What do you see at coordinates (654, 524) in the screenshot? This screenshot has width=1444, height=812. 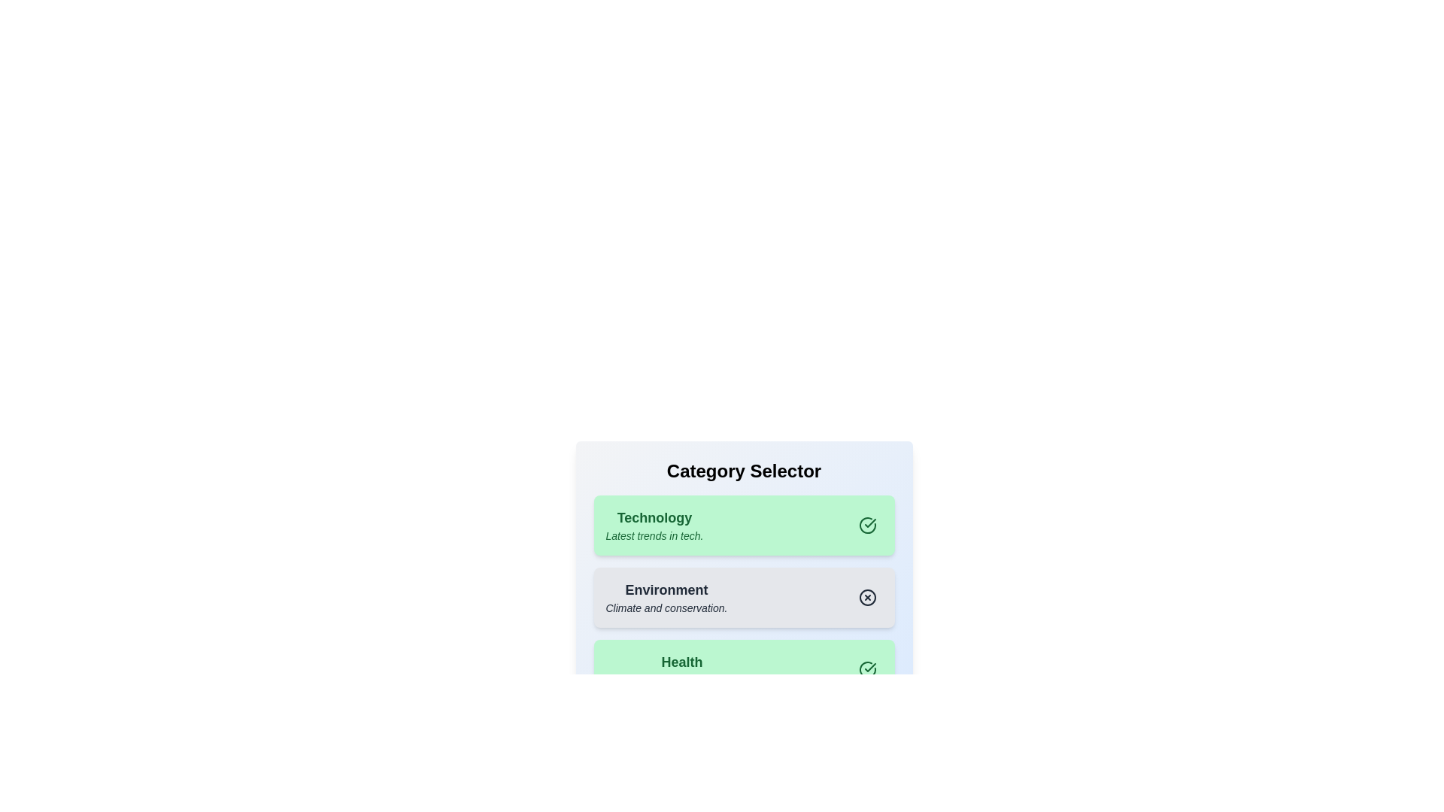 I see `the category Technology to observe visual feedback` at bounding box center [654, 524].